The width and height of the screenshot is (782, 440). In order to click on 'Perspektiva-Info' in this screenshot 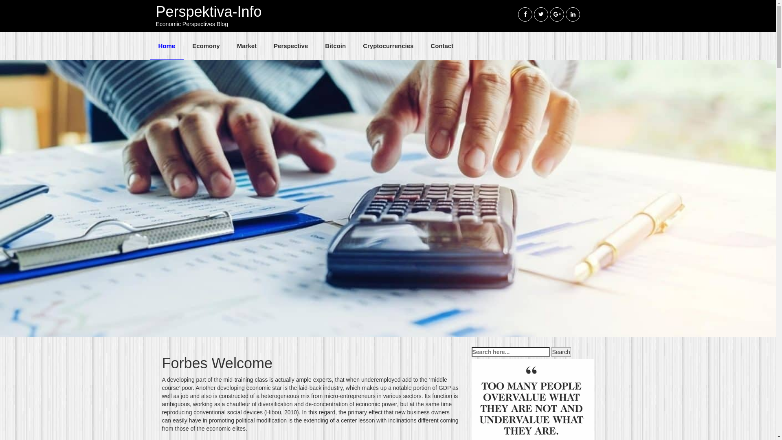, I will do `click(209, 11)`.